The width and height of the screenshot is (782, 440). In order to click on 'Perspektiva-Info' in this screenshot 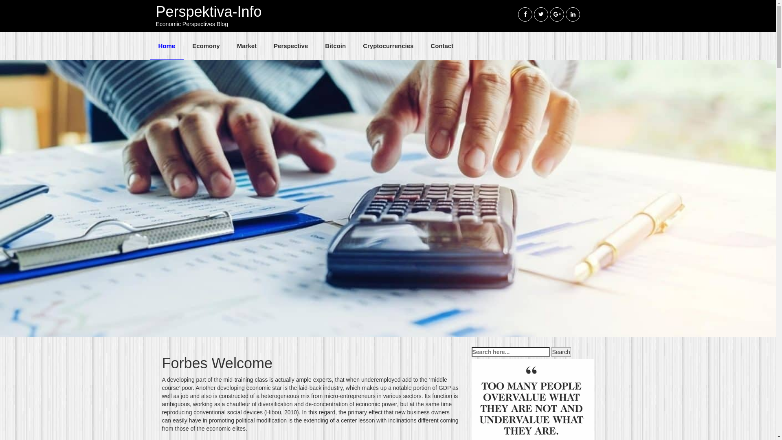, I will do `click(209, 11)`.